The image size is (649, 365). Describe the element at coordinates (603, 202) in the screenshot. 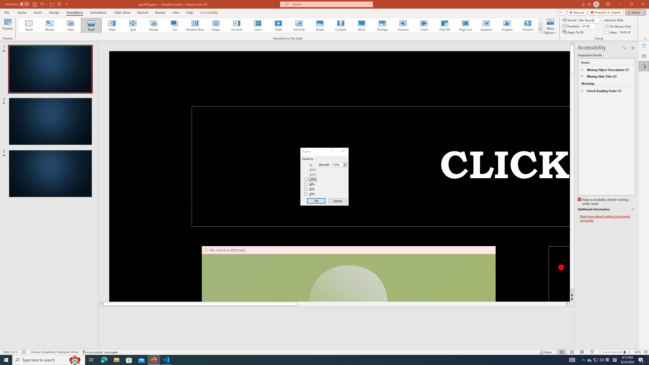

I see `'Keep accessibility checker running while I work'` at that location.